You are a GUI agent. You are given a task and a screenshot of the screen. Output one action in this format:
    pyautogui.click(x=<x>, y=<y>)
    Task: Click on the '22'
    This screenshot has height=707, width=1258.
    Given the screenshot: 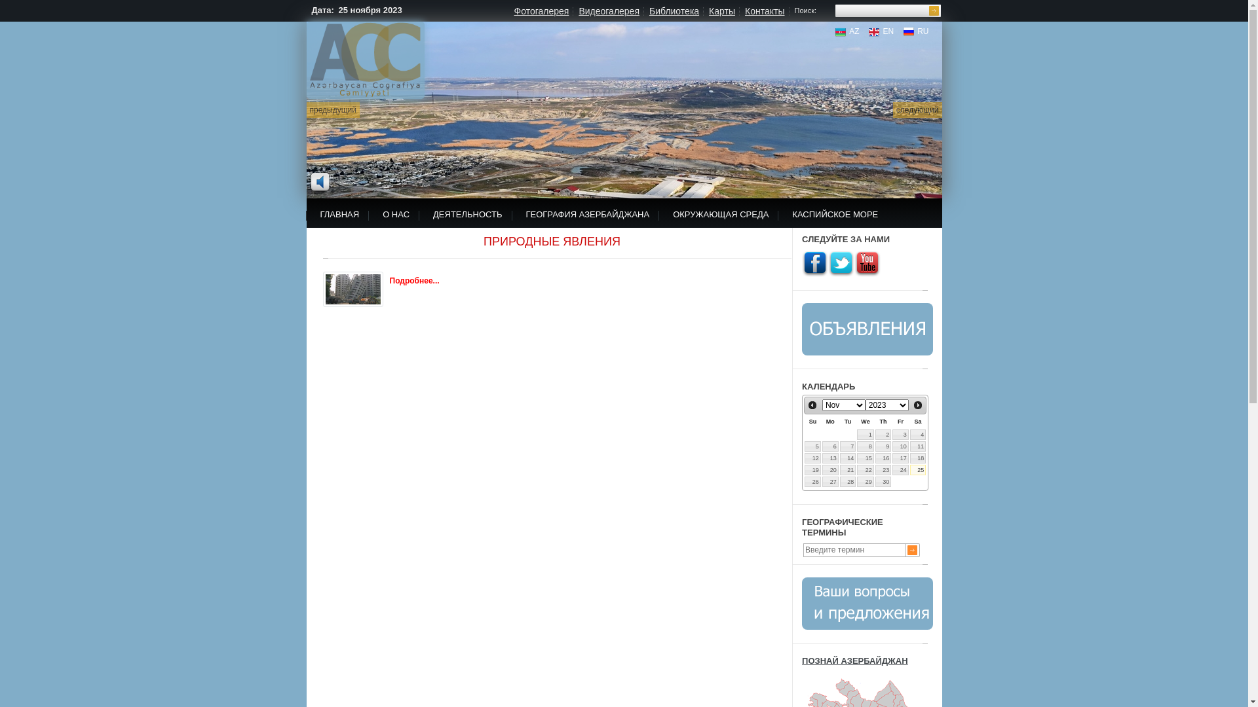 What is the action you would take?
    pyautogui.click(x=865, y=469)
    